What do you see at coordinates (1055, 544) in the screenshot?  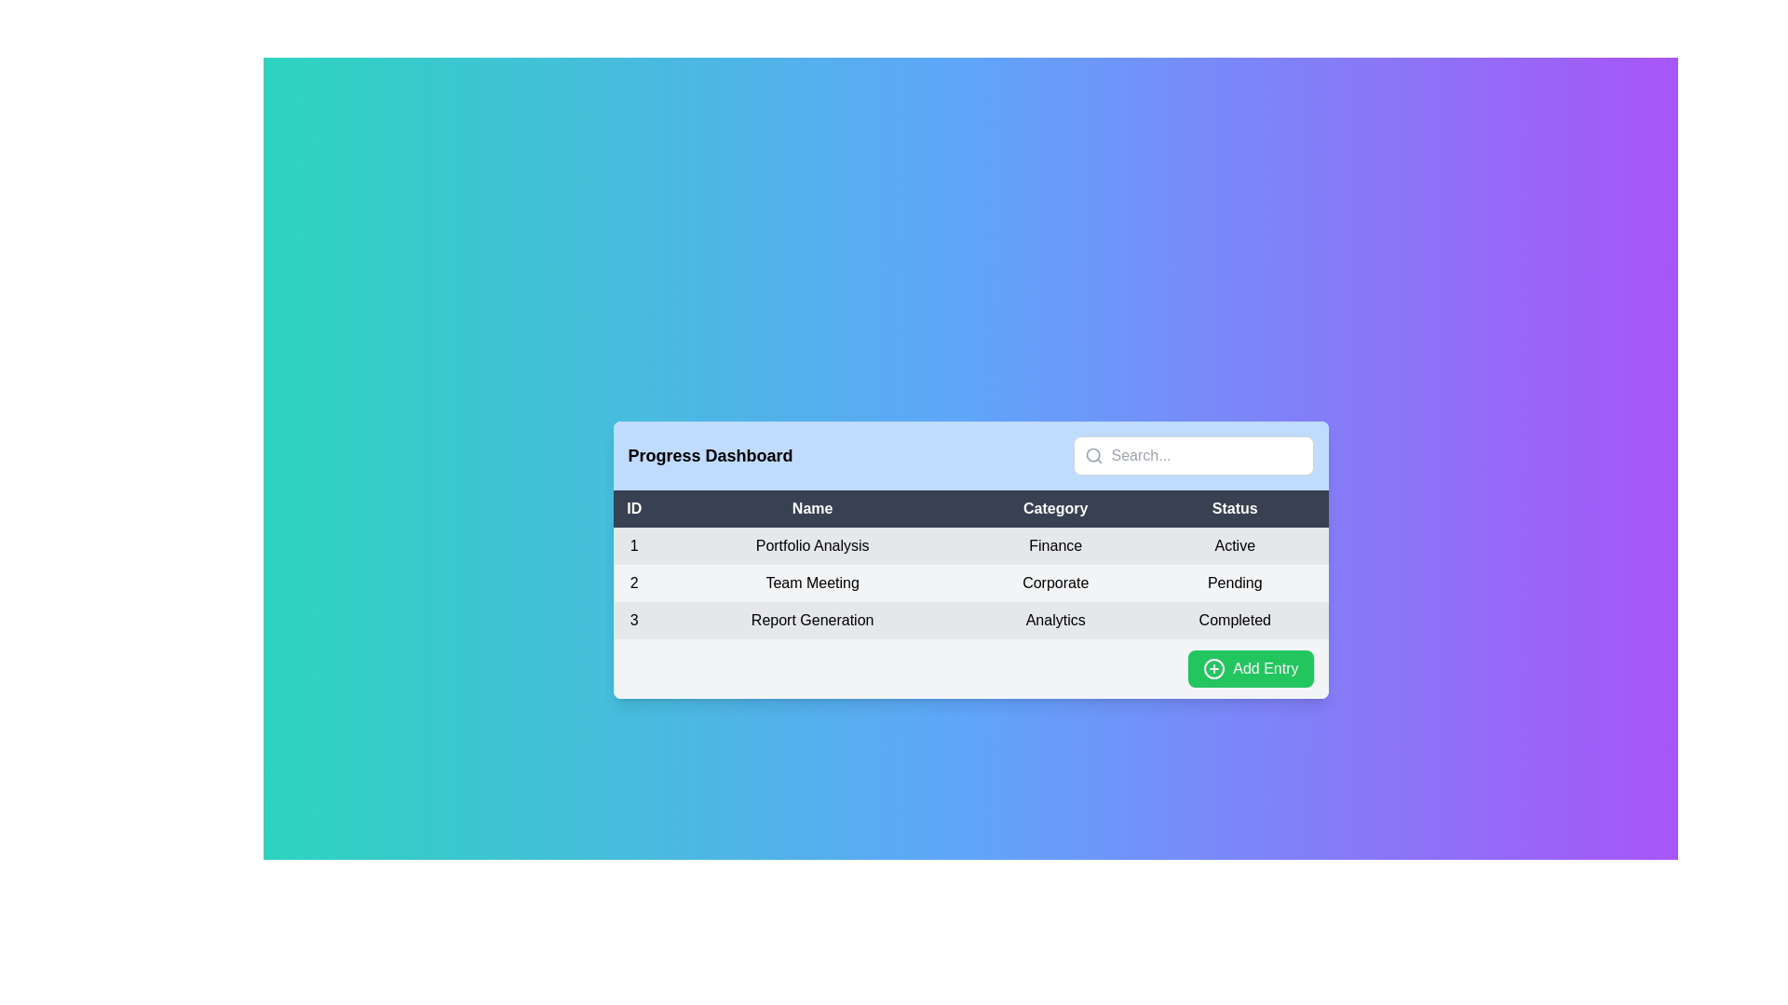 I see `text content of the 'Category' cell in the first row of the 'Progress Dashboard' table, which is positioned between the 'Portfolio Analysis' and 'Active' cells` at bounding box center [1055, 544].